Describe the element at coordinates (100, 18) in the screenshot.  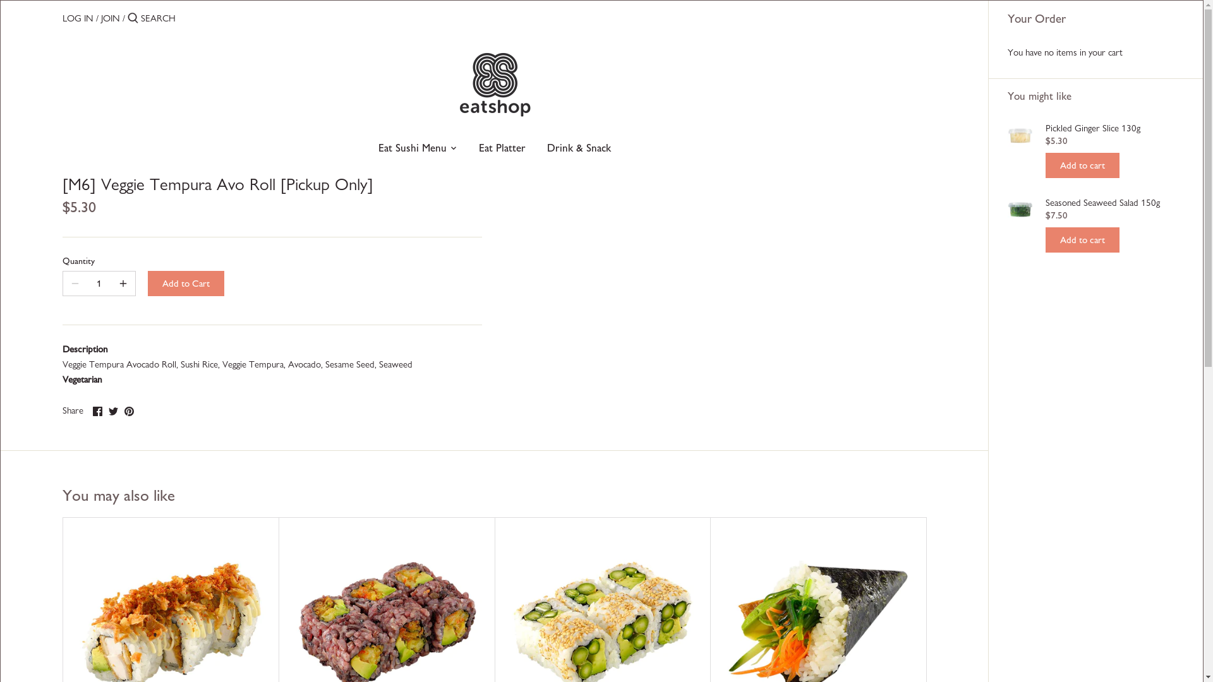
I see `'JOIN'` at that location.